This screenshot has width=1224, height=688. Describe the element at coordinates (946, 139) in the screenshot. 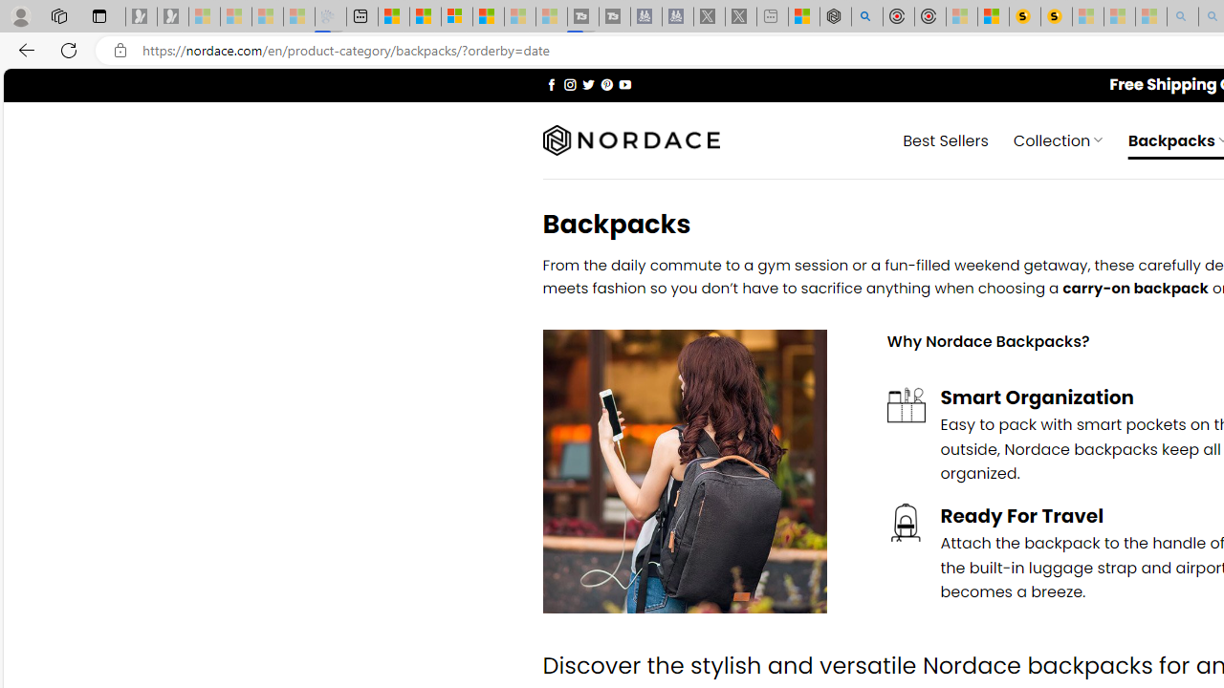

I see `' Best Sellers'` at that location.